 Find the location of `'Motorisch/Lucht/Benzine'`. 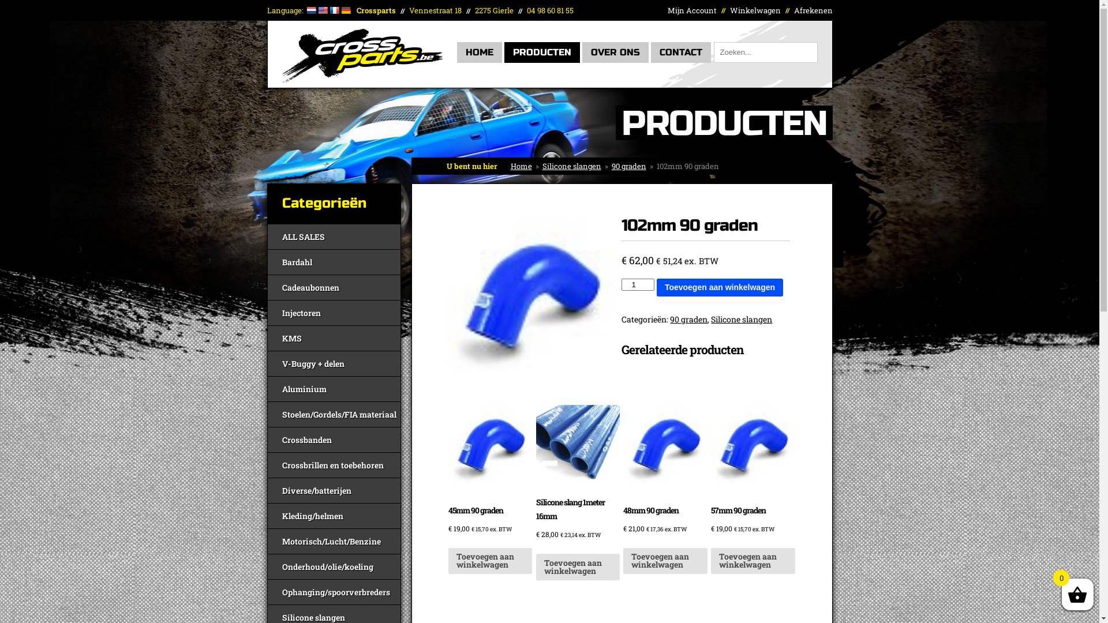

'Motorisch/Lucht/Benzine' is located at coordinates (334, 541).